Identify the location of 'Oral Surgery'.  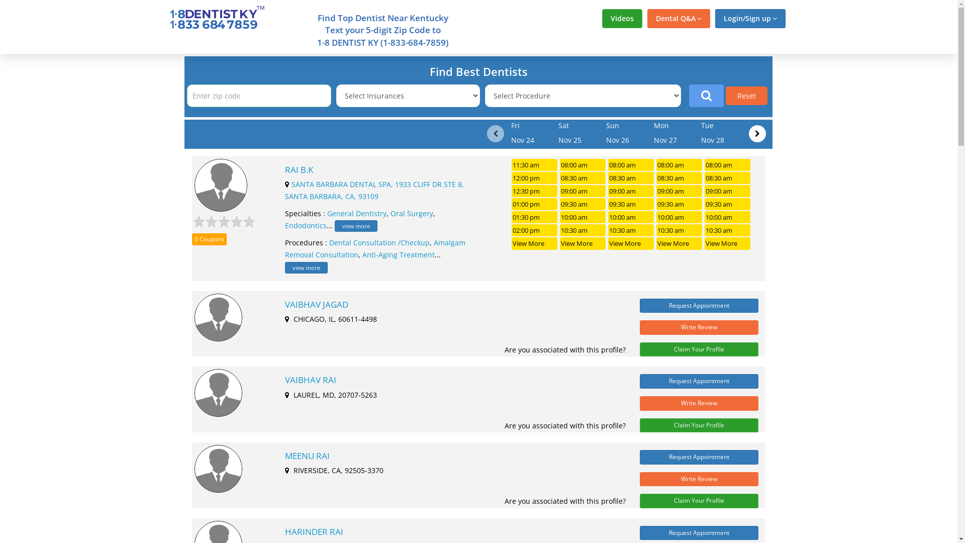
(412, 213).